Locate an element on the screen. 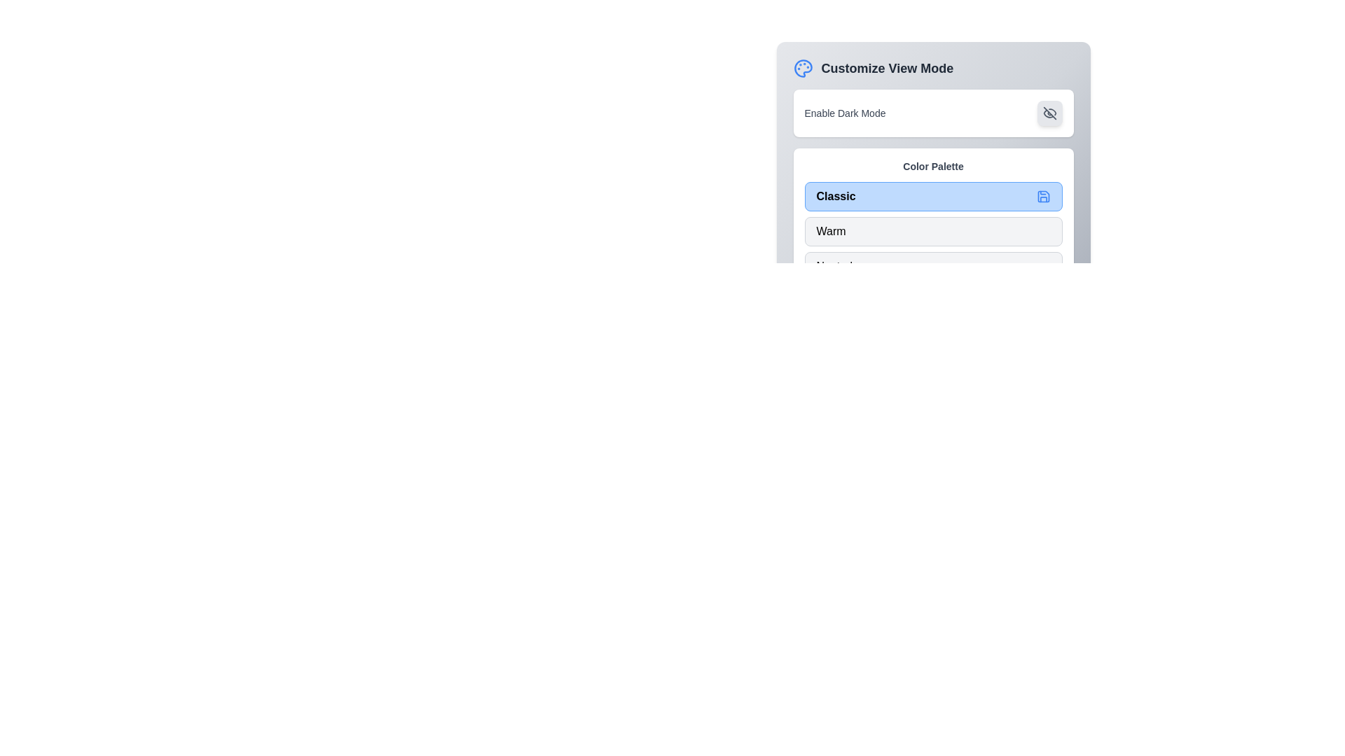 Image resolution: width=1345 pixels, height=756 pixels. the 'Enable Dark Mode' setting option located within the 'Customize View Mode' card is located at coordinates (933, 113).